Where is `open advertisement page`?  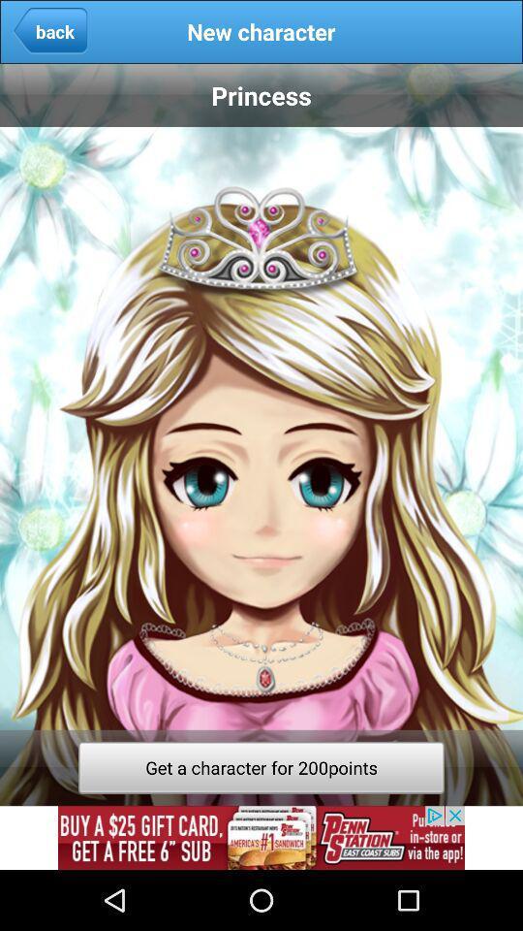 open advertisement page is located at coordinates (261, 837).